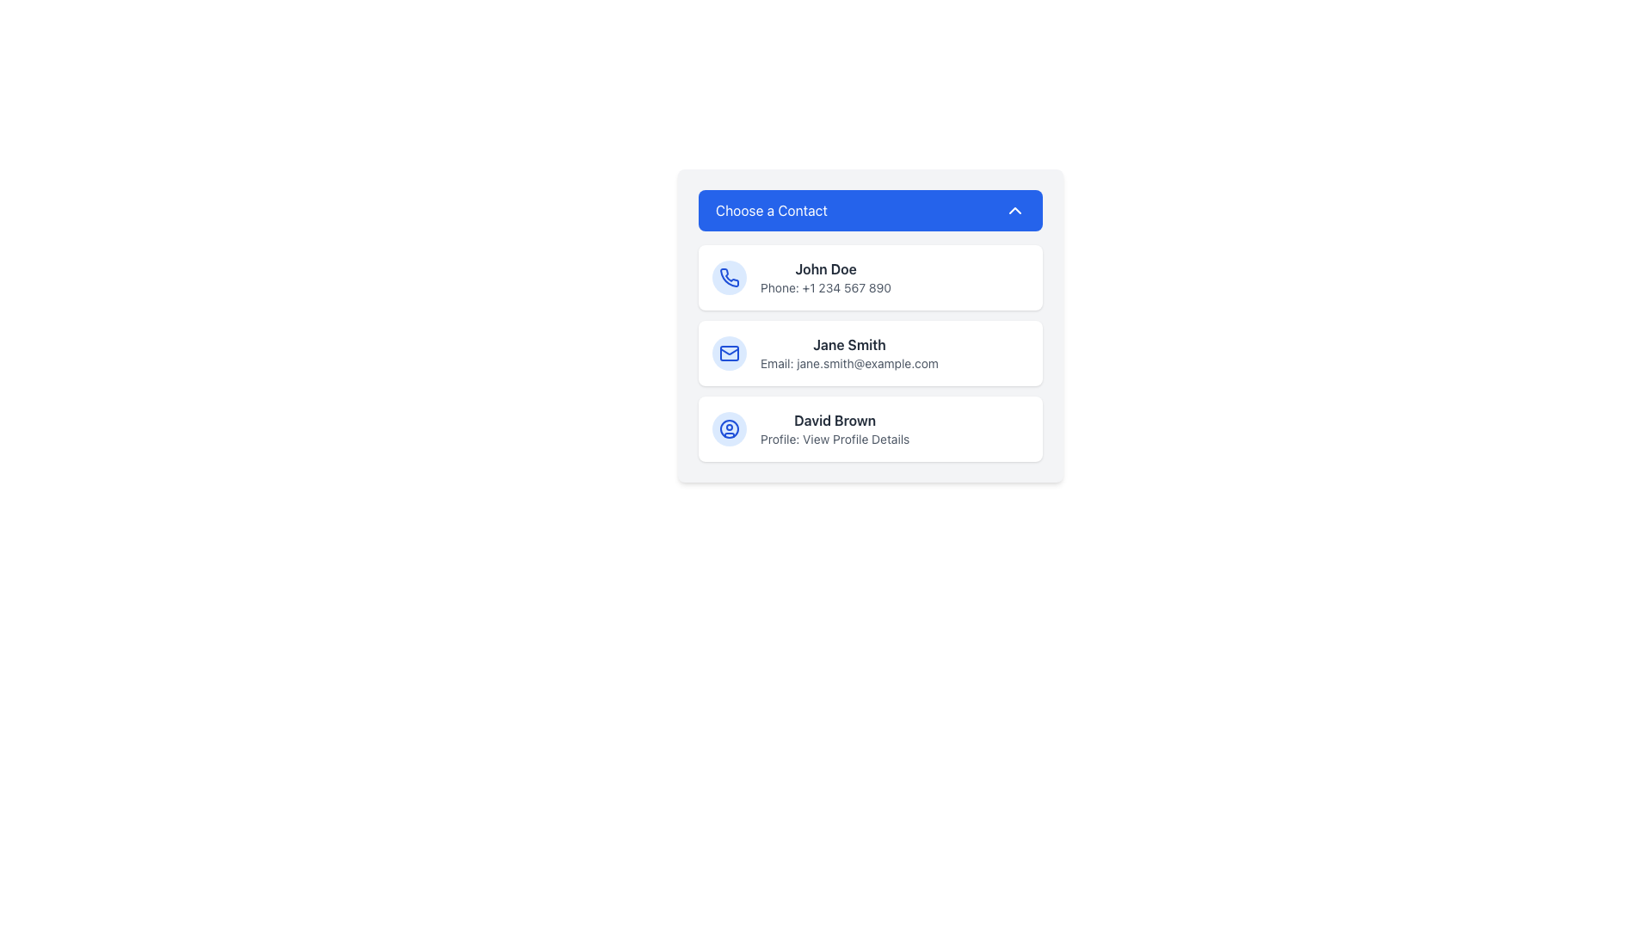 Image resolution: width=1652 pixels, height=929 pixels. I want to click on the Text Label that displays the name of the contact in the topmost contact card of the vertically stacked list, positioned above the phone number 'Phone: +1 234 567 890', so click(826, 268).